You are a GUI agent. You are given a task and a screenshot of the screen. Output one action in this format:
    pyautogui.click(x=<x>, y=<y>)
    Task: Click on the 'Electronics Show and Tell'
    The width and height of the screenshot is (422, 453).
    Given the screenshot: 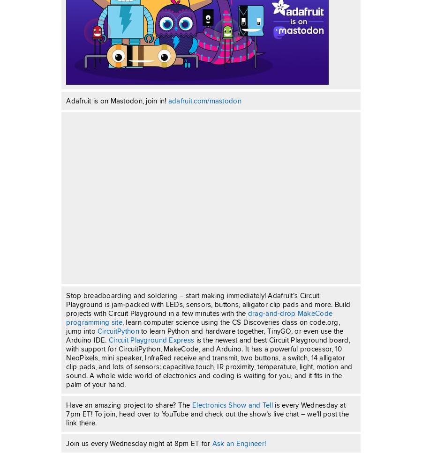 What is the action you would take?
    pyautogui.click(x=232, y=404)
    